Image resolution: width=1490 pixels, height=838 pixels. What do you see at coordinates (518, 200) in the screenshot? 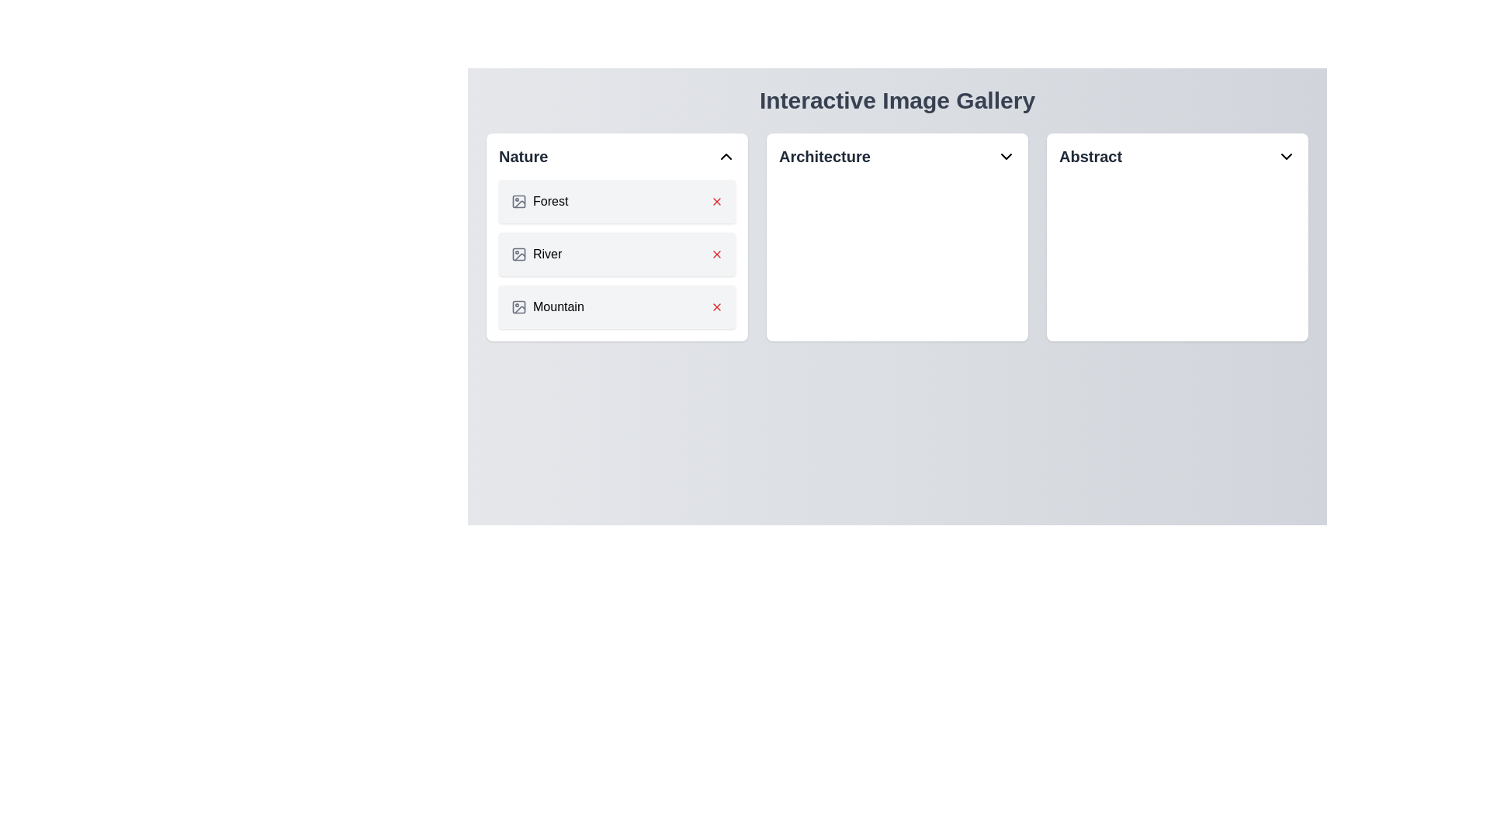
I see `icon representing the 'Forest' category, which is positioned to the left of the 'Forest' label in the Nature section of the UI` at bounding box center [518, 200].